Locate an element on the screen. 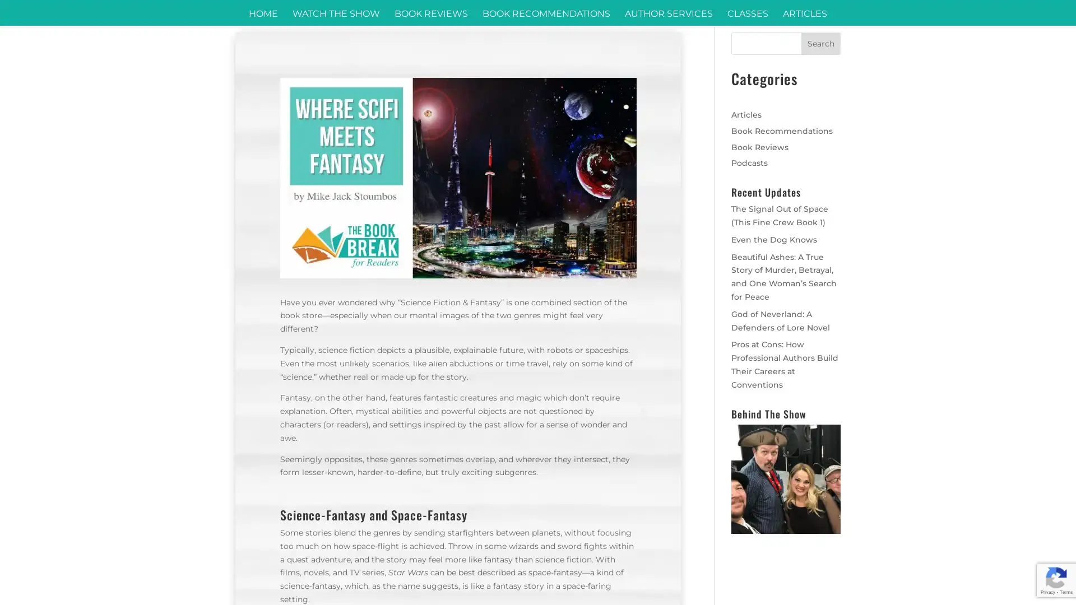 This screenshot has width=1076, height=605. Search is located at coordinates (820, 43).